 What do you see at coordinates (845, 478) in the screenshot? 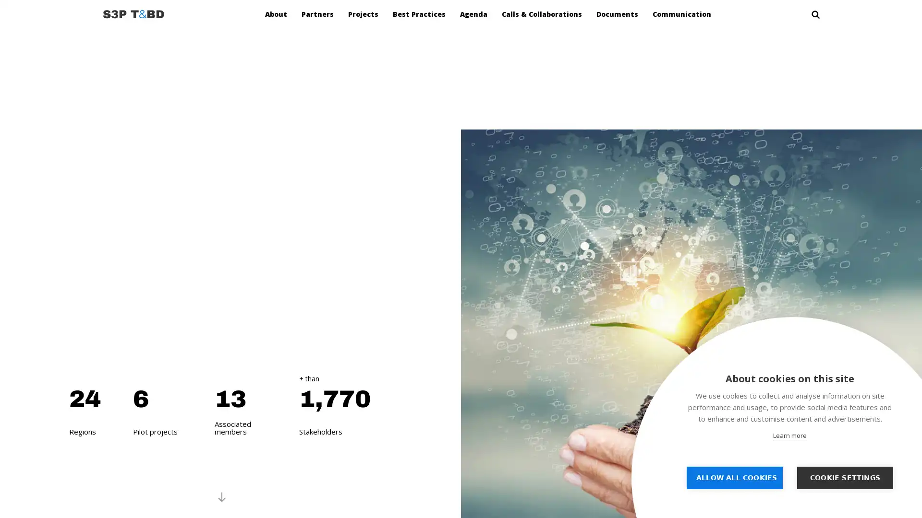
I see `COOKIE SETTINGS` at bounding box center [845, 478].